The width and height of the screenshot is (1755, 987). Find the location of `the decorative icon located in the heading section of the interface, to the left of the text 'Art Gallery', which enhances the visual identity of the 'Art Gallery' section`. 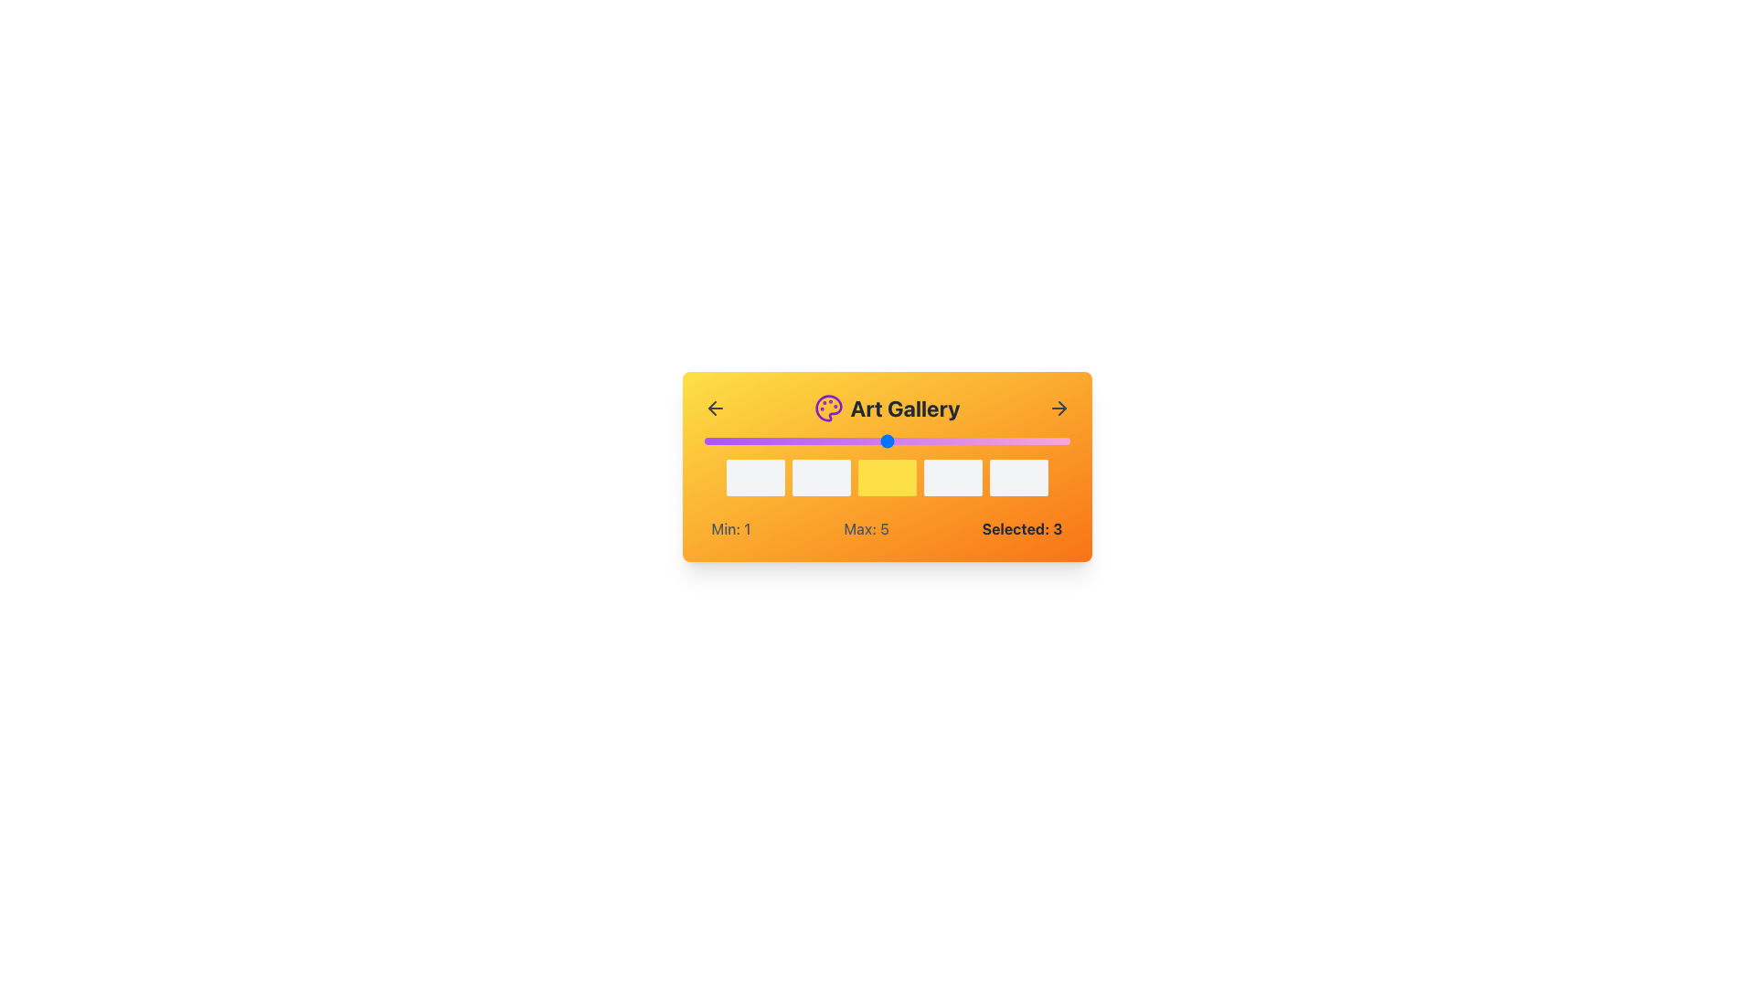

the decorative icon located in the heading section of the interface, to the left of the text 'Art Gallery', which enhances the visual identity of the 'Art Gallery' section is located at coordinates (827, 408).